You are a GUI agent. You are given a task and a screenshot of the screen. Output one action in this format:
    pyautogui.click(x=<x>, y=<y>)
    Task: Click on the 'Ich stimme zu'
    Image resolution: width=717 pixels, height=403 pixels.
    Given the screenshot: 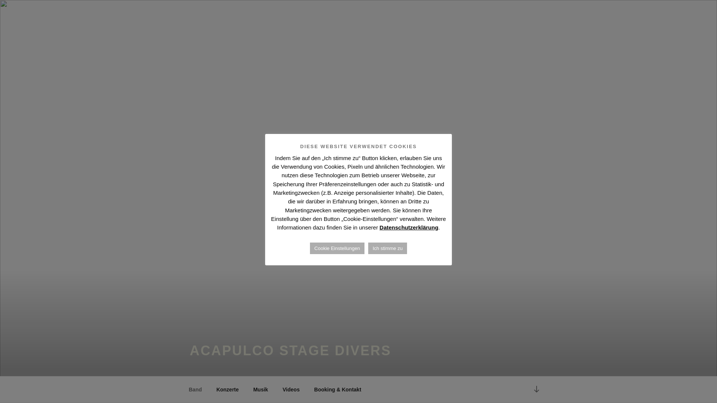 What is the action you would take?
    pyautogui.click(x=368, y=248)
    